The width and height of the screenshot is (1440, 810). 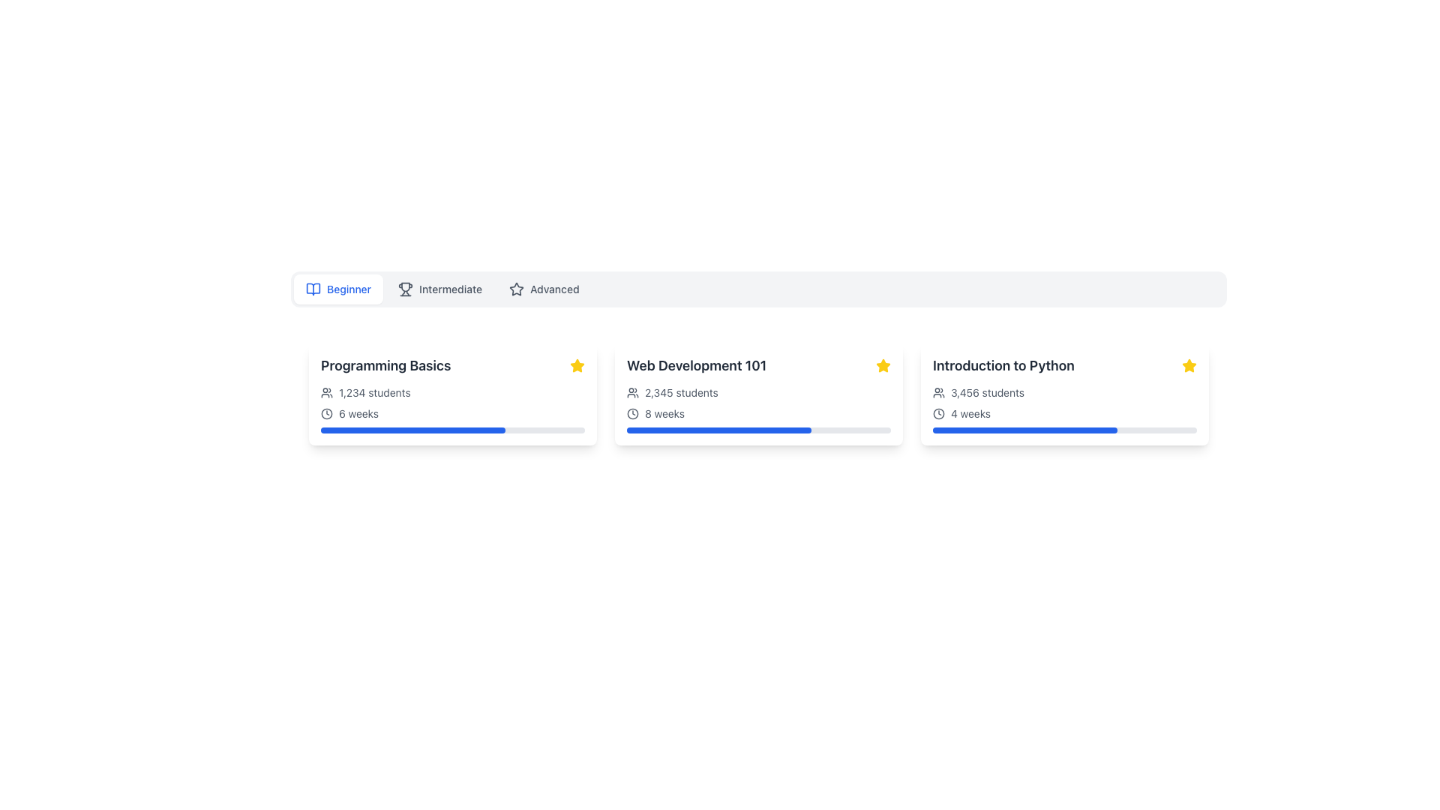 I want to click on the progress visually on the rounded blue progress bar indicating 70% completion within the 'Introduction to Python' module card, so click(x=1024, y=430).